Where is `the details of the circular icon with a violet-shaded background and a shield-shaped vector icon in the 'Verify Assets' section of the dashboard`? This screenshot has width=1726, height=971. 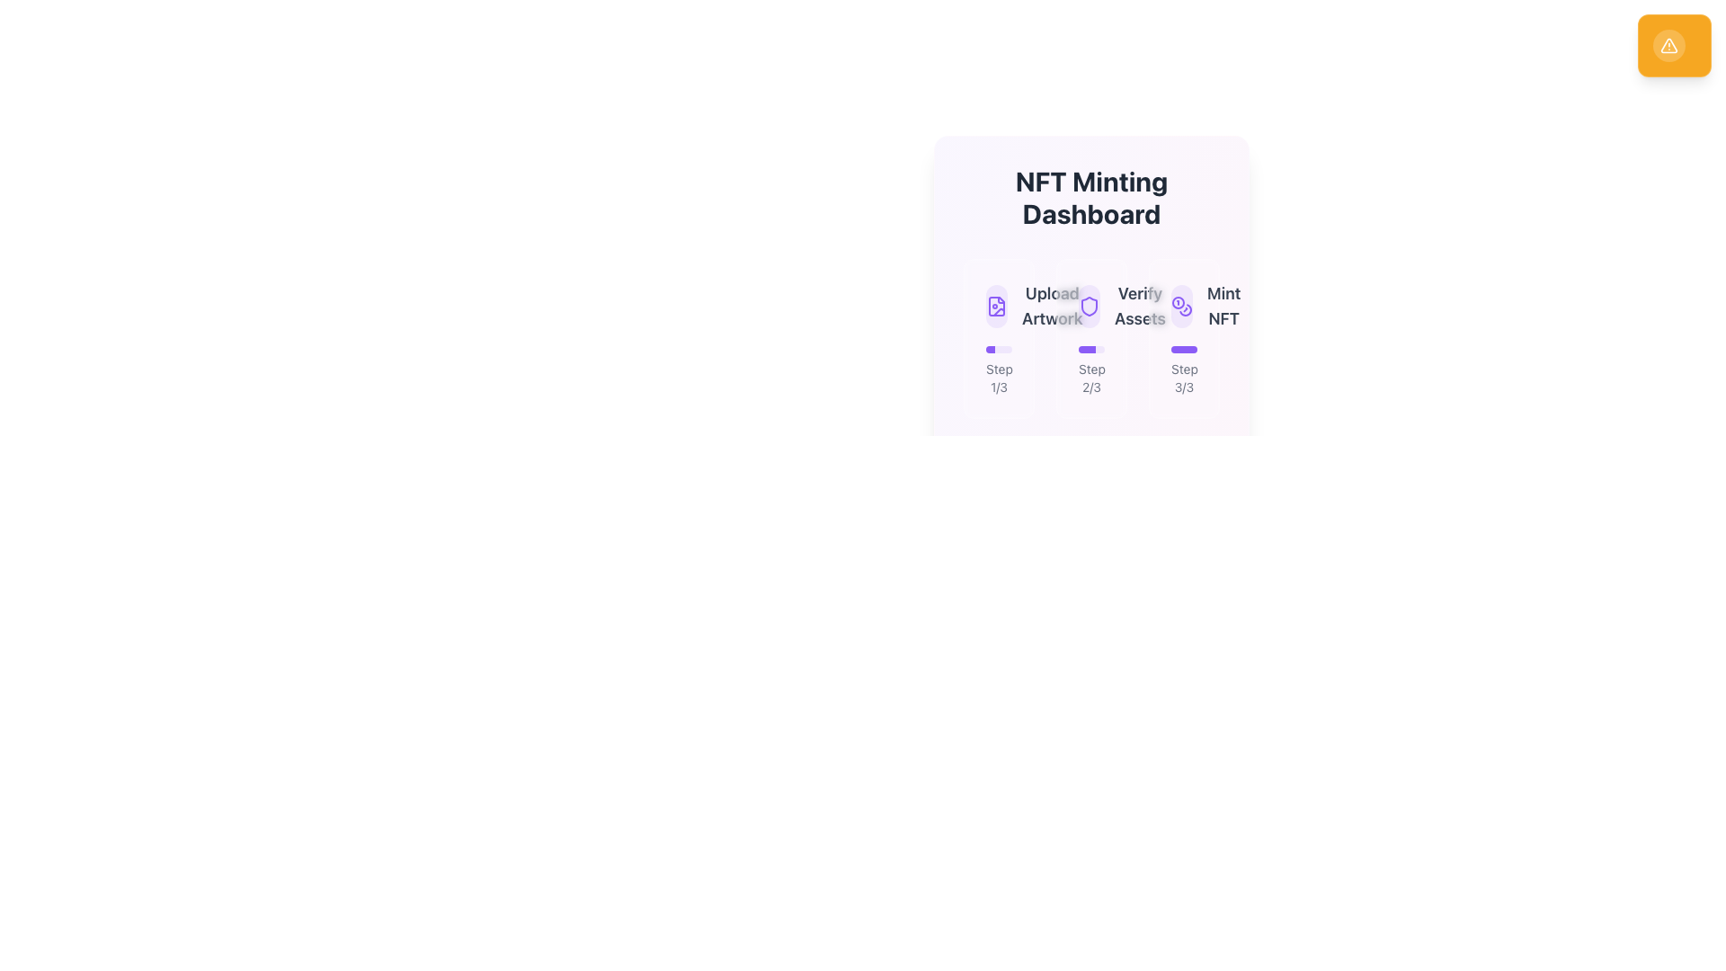
the details of the circular icon with a violet-shaded background and a shield-shaped vector icon in the 'Verify Assets' section of the dashboard is located at coordinates (1088, 305).